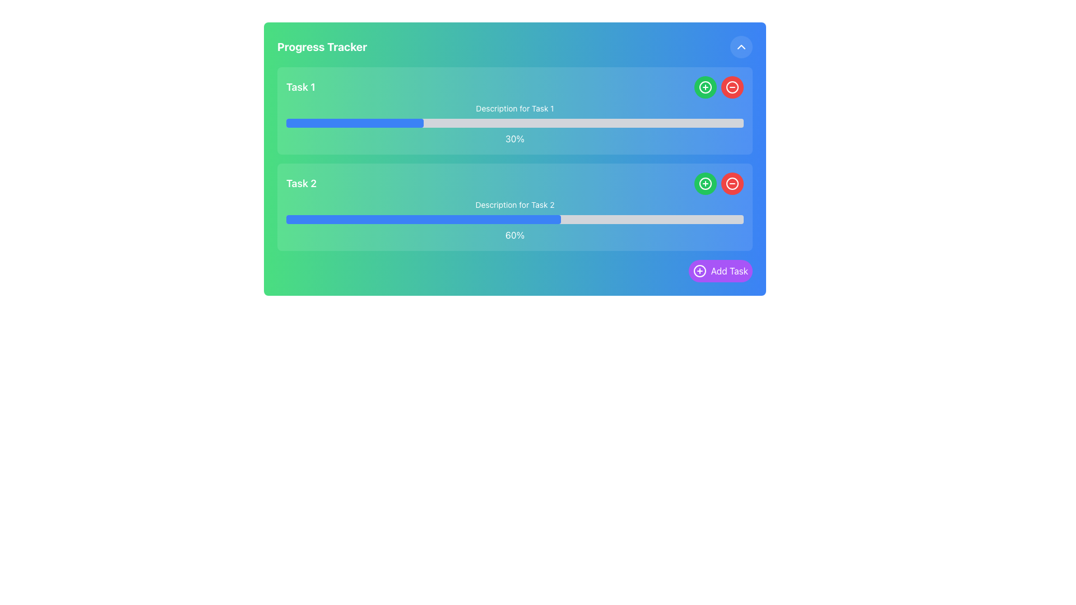 The height and width of the screenshot is (605, 1076). I want to click on the Text Label displaying '30%' in white text, so click(514, 138).